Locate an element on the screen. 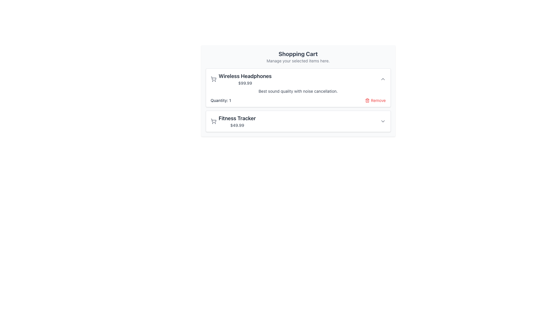  the Text label indicating the quantity of 'Wireless Headphones' in the shopping cart, located below the title and to the left of the 'Remove' button is located at coordinates (220, 100).